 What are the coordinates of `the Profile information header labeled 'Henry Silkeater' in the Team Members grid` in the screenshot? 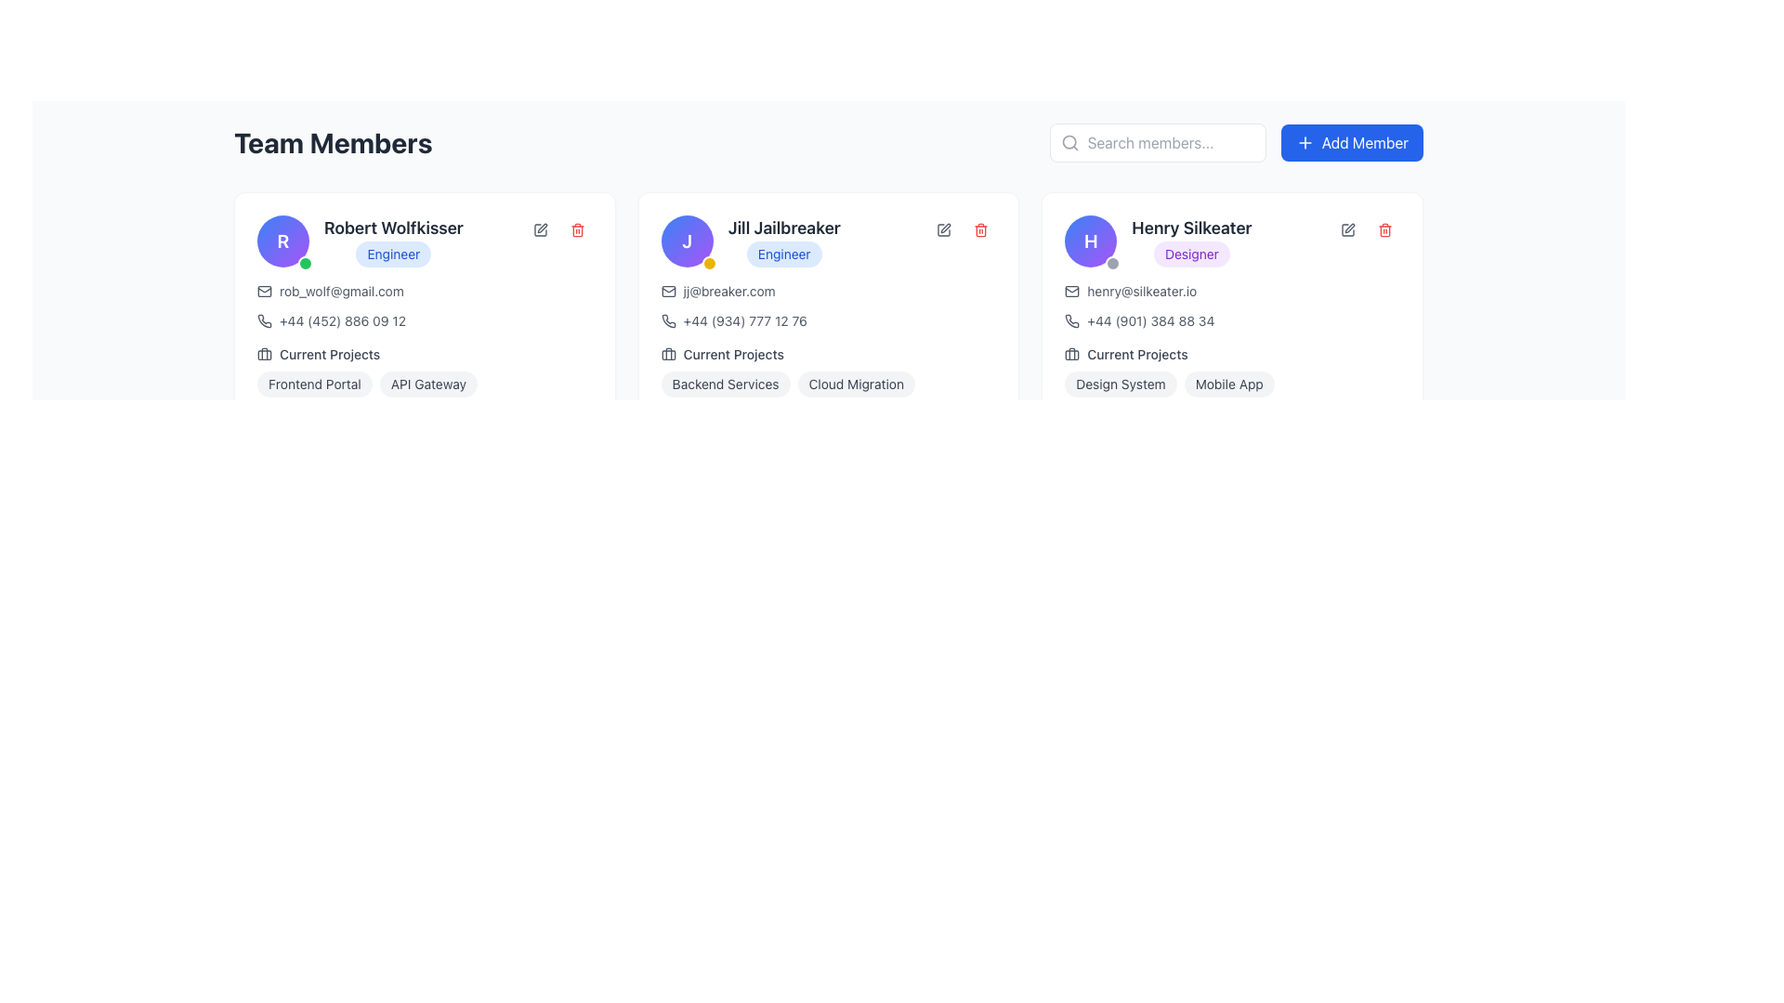 It's located at (1232, 240).